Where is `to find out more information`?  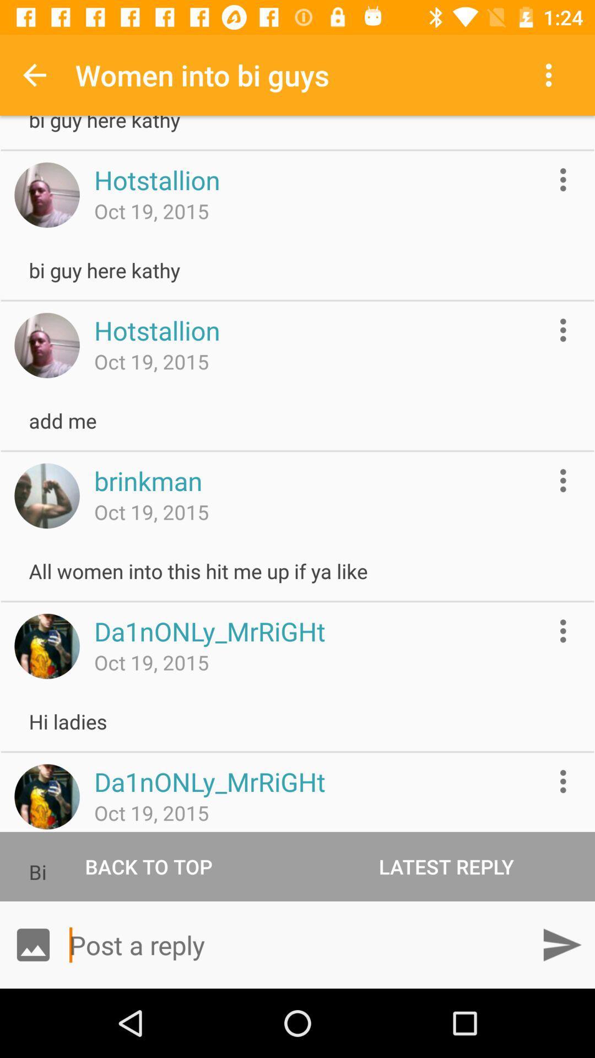
to find out more information is located at coordinates (563, 781).